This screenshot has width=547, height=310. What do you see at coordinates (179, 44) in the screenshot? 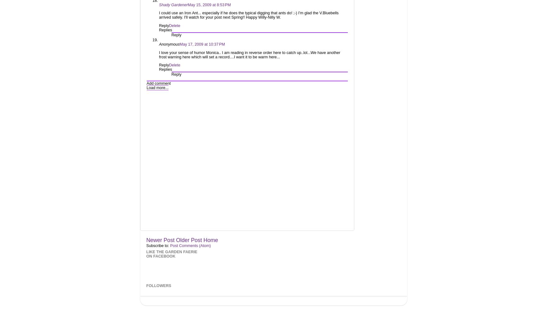
I see `'May 17, 2009 at 10:37 PM'` at bounding box center [179, 44].